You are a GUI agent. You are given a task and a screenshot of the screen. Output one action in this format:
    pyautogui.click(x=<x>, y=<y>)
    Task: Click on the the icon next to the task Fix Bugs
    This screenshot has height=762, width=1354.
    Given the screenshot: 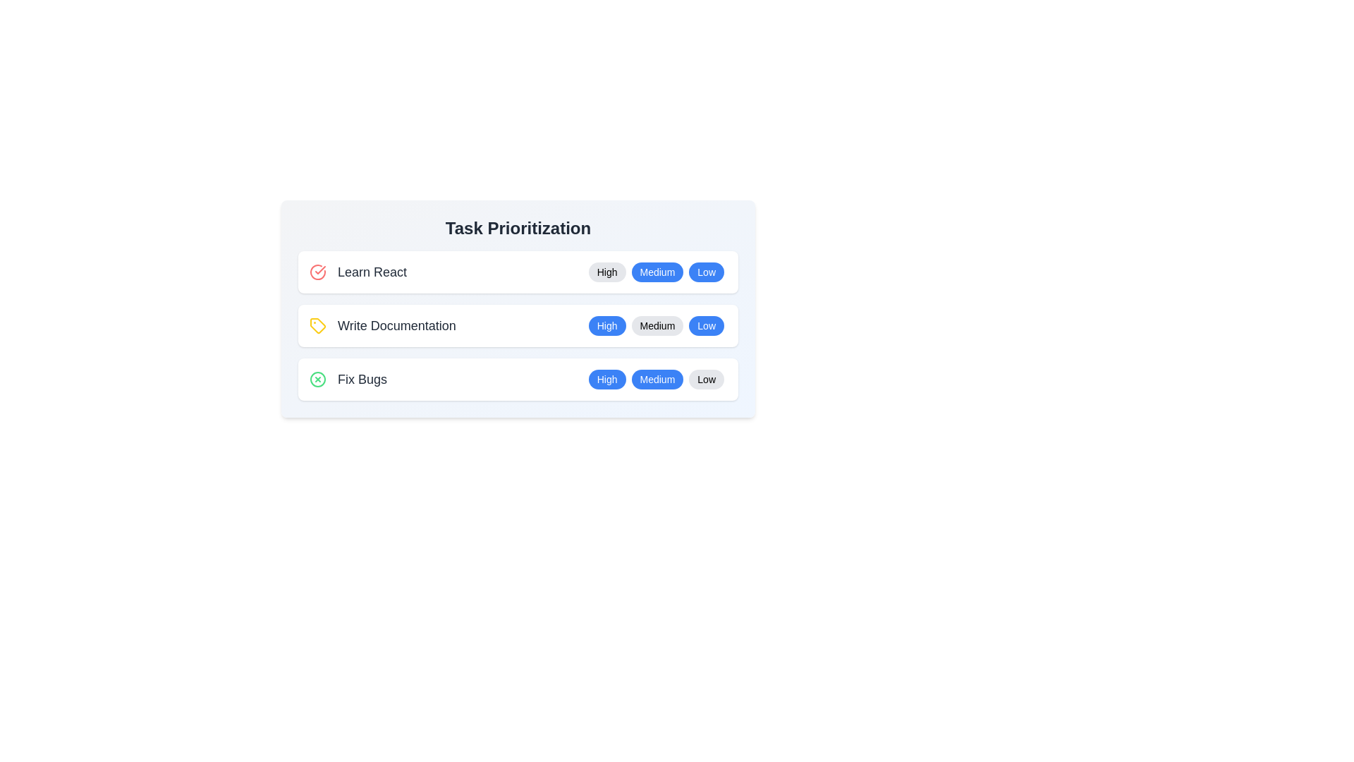 What is the action you would take?
    pyautogui.click(x=317, y=378)
    